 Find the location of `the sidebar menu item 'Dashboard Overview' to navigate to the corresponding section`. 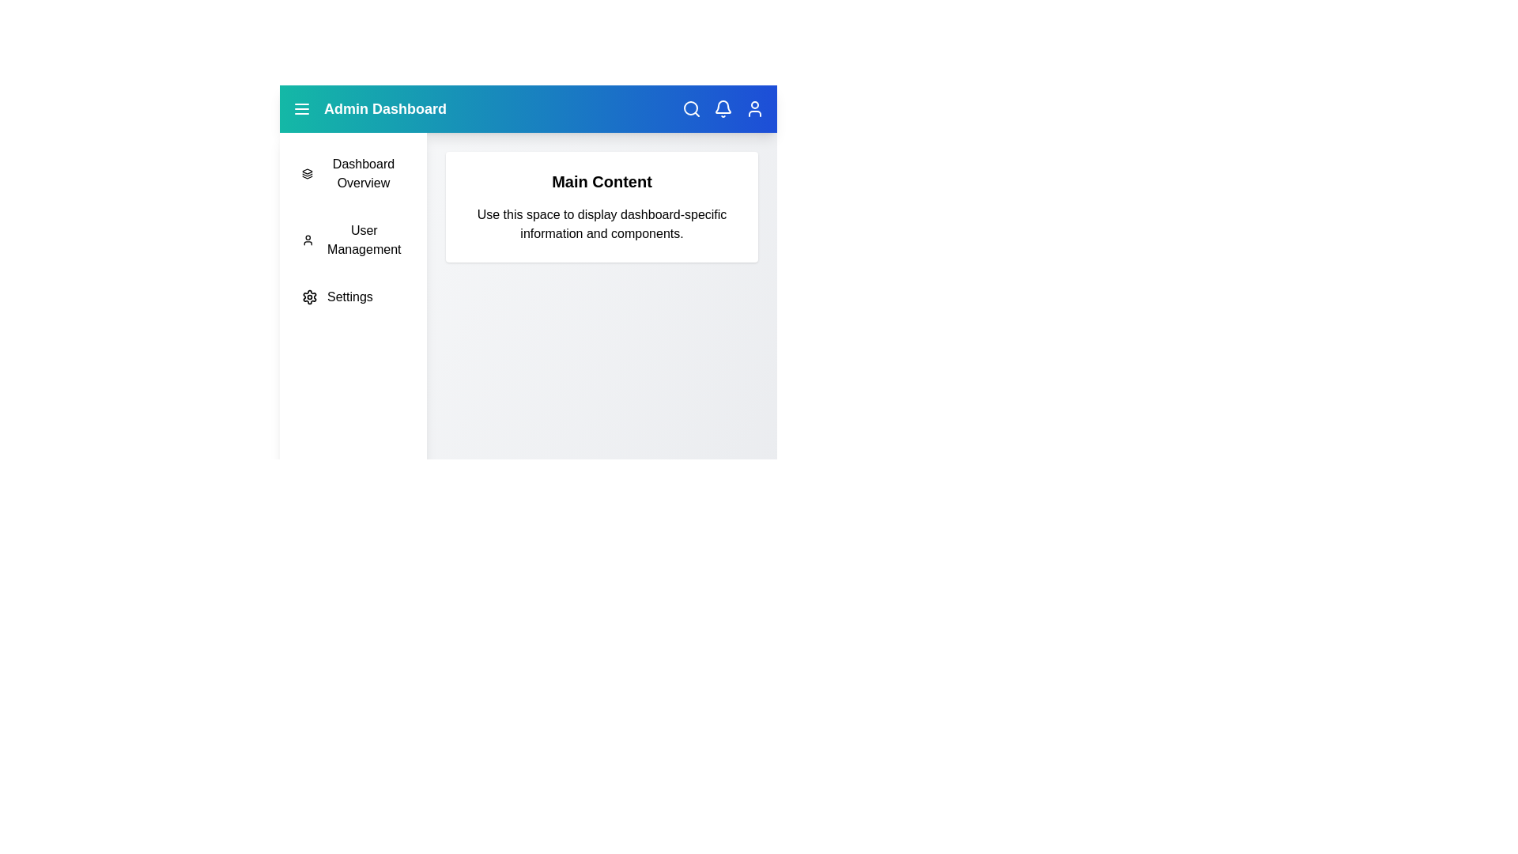

the sidebar menu item 'Dashboard Overview' to navigate to the corresponding section is located at coordinates (352, 173).